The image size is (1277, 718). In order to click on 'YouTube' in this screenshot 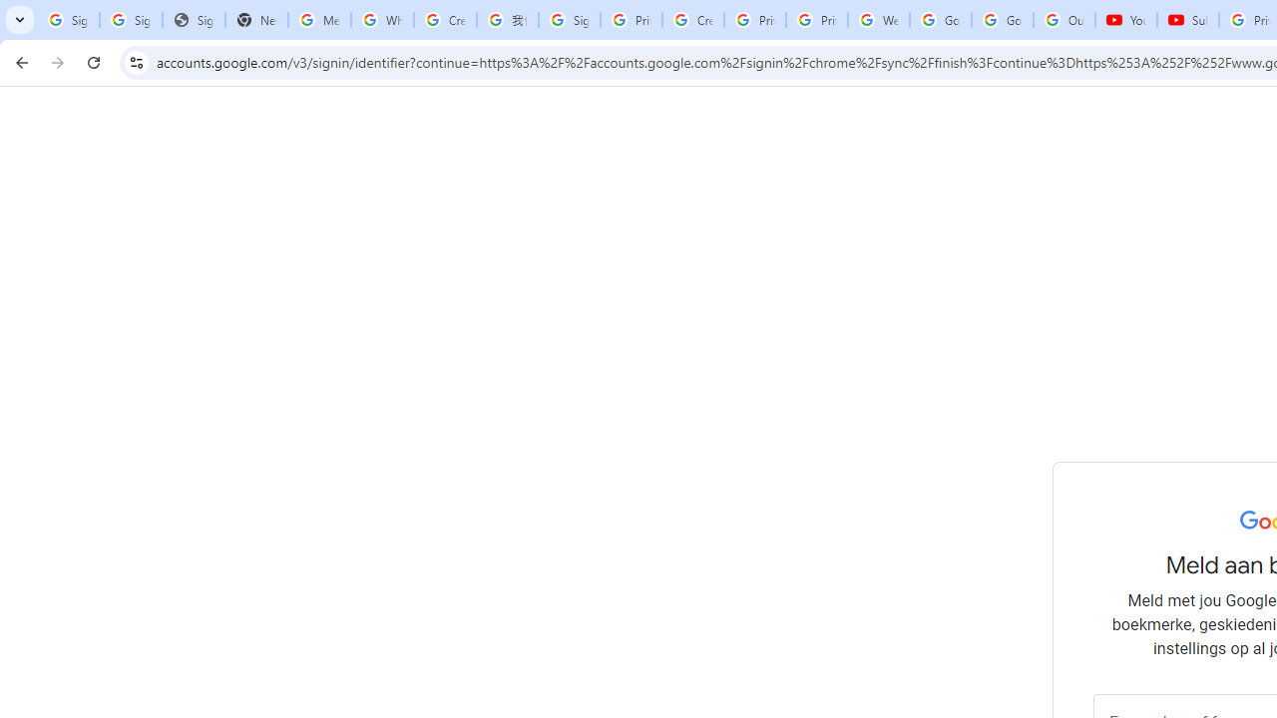, I will do `click(1125, 20)`.